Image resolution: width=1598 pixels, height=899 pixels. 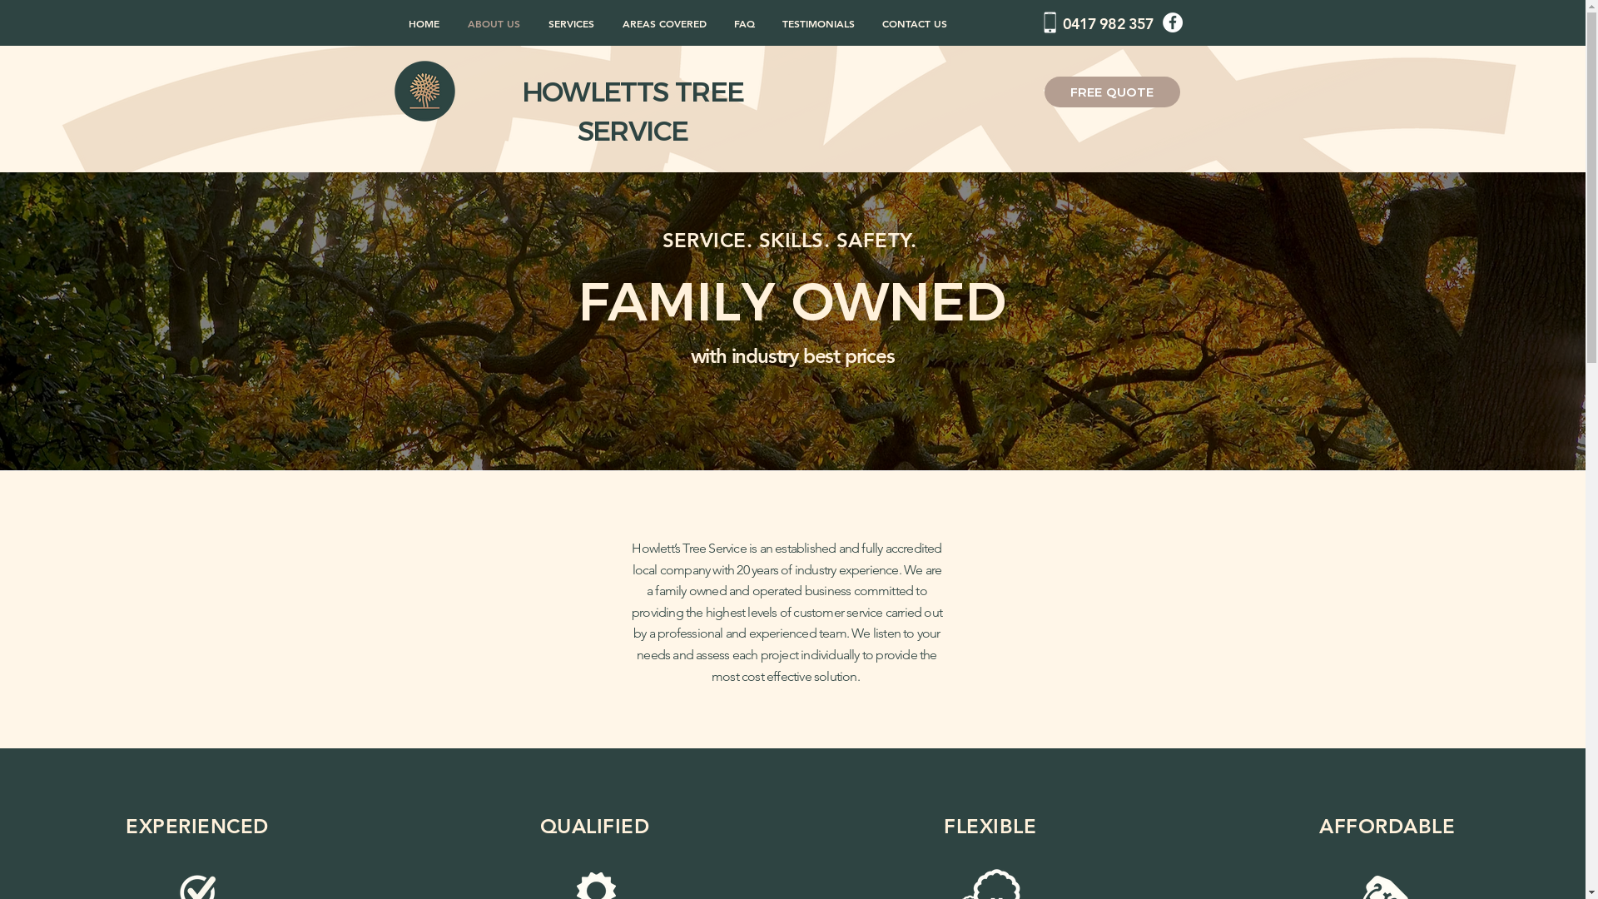 What do you see at coordinates (571, 23) in the screenshot?
I see `'SERVICES'` at bounding box center [571, 23].